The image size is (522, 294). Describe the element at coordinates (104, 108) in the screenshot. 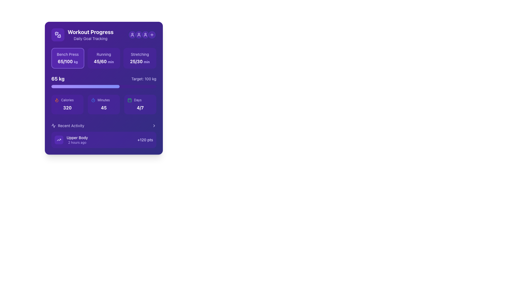

I see `the numerical value '45' displayed in bold white text on a purple background, located in the bottom-left quadrant of the main card interface under the 'Minutes' label` at that location.